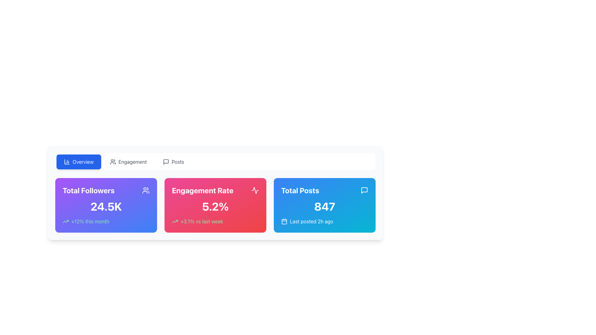 The width and height of the screenshot is (596, 335). I want to click on the icon located at the top-right corner of the 'Total Posts' card, adjacent to the section's title and numerical data, so click(364, 190).